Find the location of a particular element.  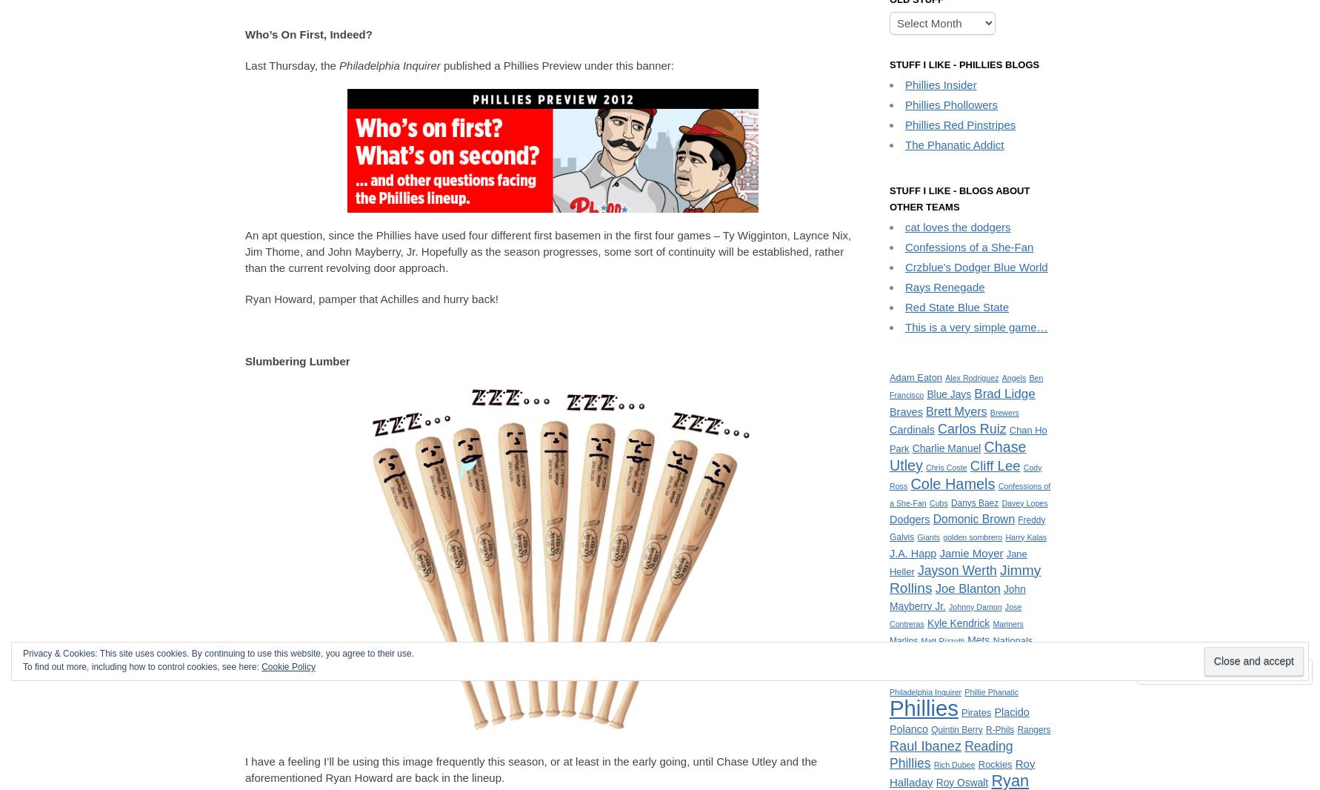

'Phillies Phollowers' is located at coordinates (951, 103).